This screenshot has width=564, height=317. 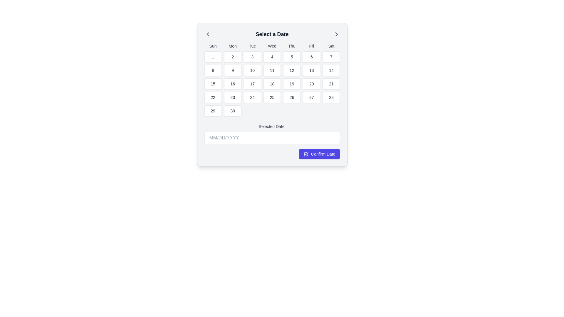 What do you see at coordinates (272, 46) in the screenshot?
I see `the header label for the Wednesday column in the calendar, which visually indicates the day of the week 'Wednesday'` at bounding box center [272, 46].